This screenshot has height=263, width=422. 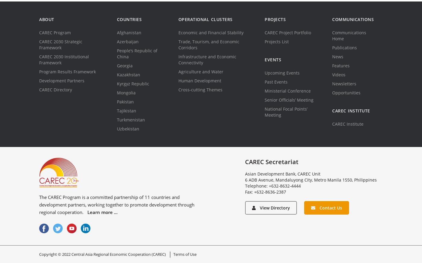 What do you see at coordinates (128, 75) in the screenshot?
I see `'Kazakhstan'` at bounding box center [128, 75].